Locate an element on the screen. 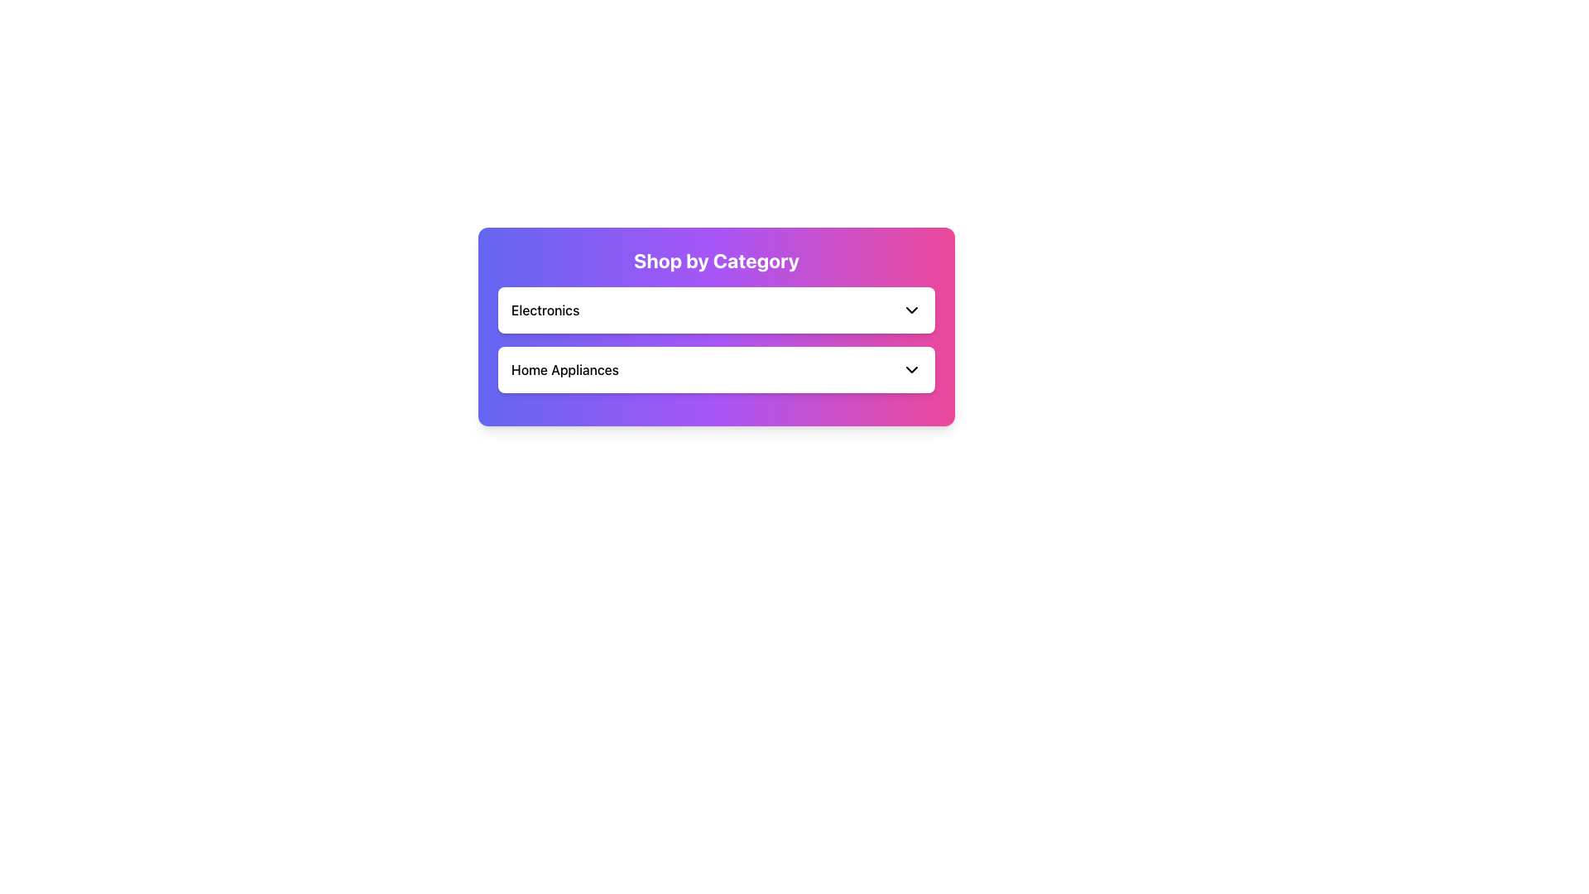  the 'Home Appliances' Dropdown trigger button to prepare for keyboard interaction is located at coordinates (716, 369).